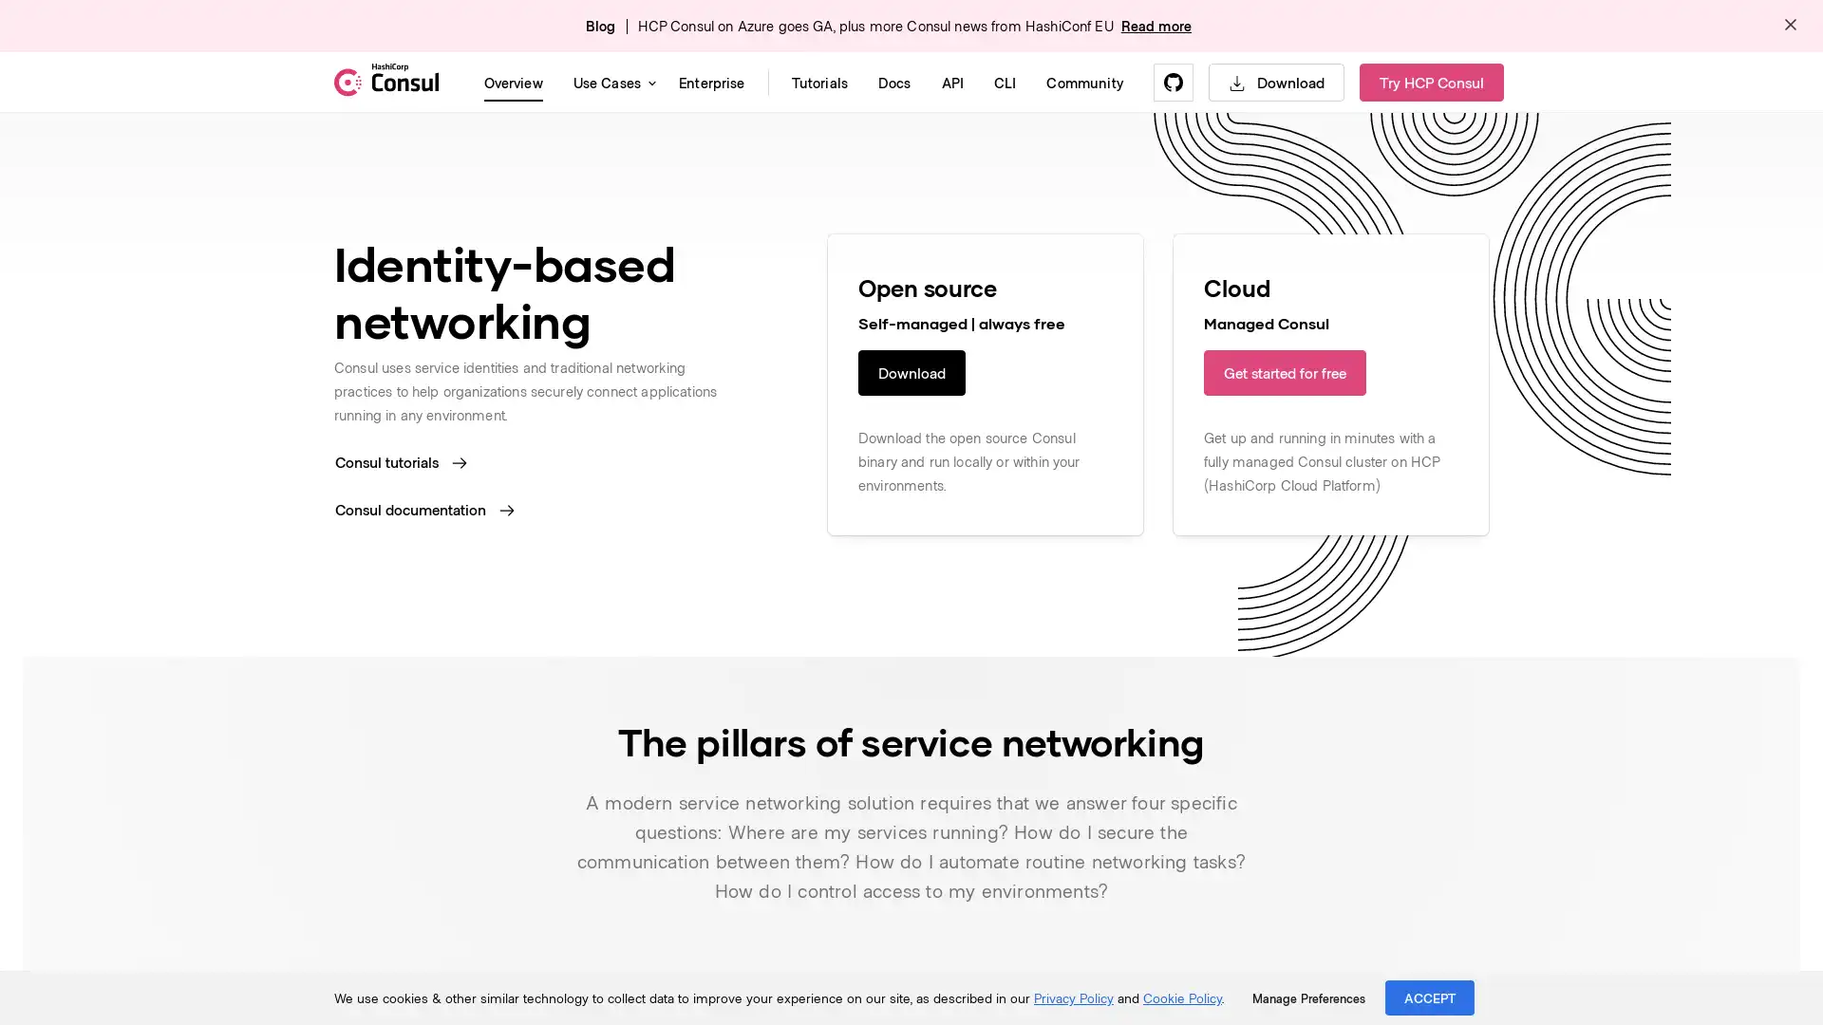  Describe the element at coordinates (1790, 26) in the screenshot. I see `Dismiss alert` at that location.